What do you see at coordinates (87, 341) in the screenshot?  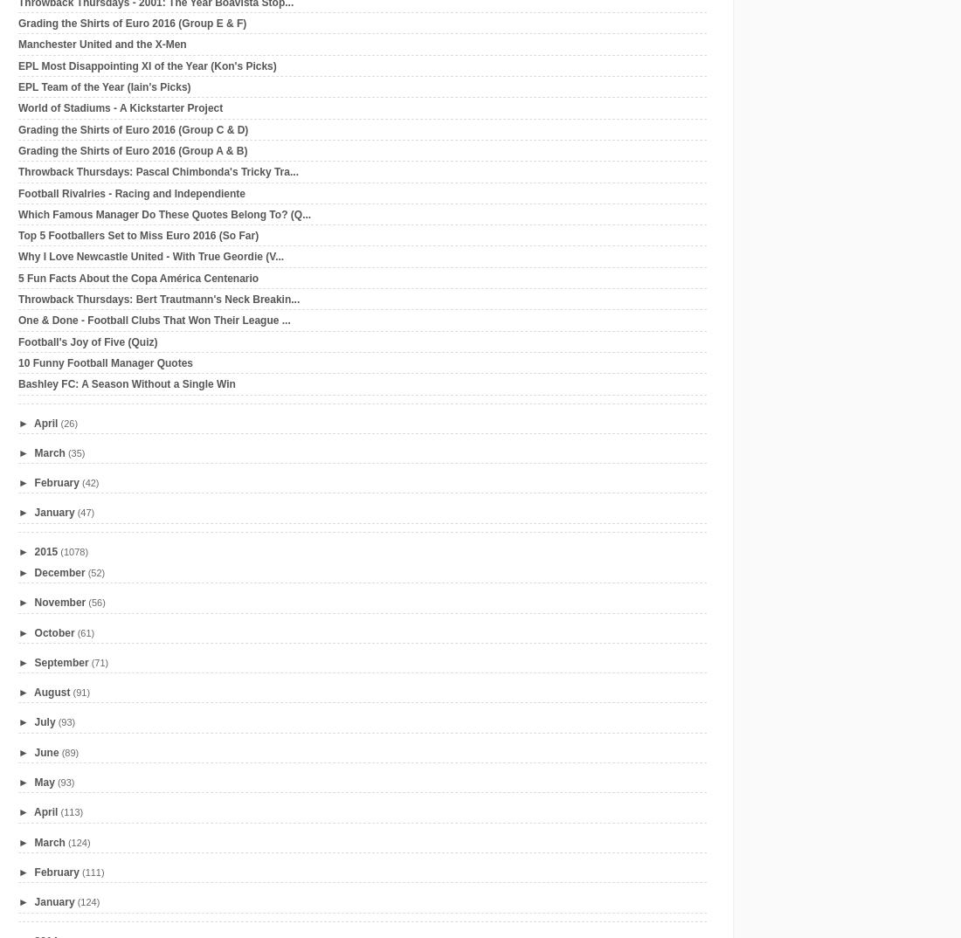 I see `'Football's Joy of Five (Quiz)'` at bounding box center [87, 341].